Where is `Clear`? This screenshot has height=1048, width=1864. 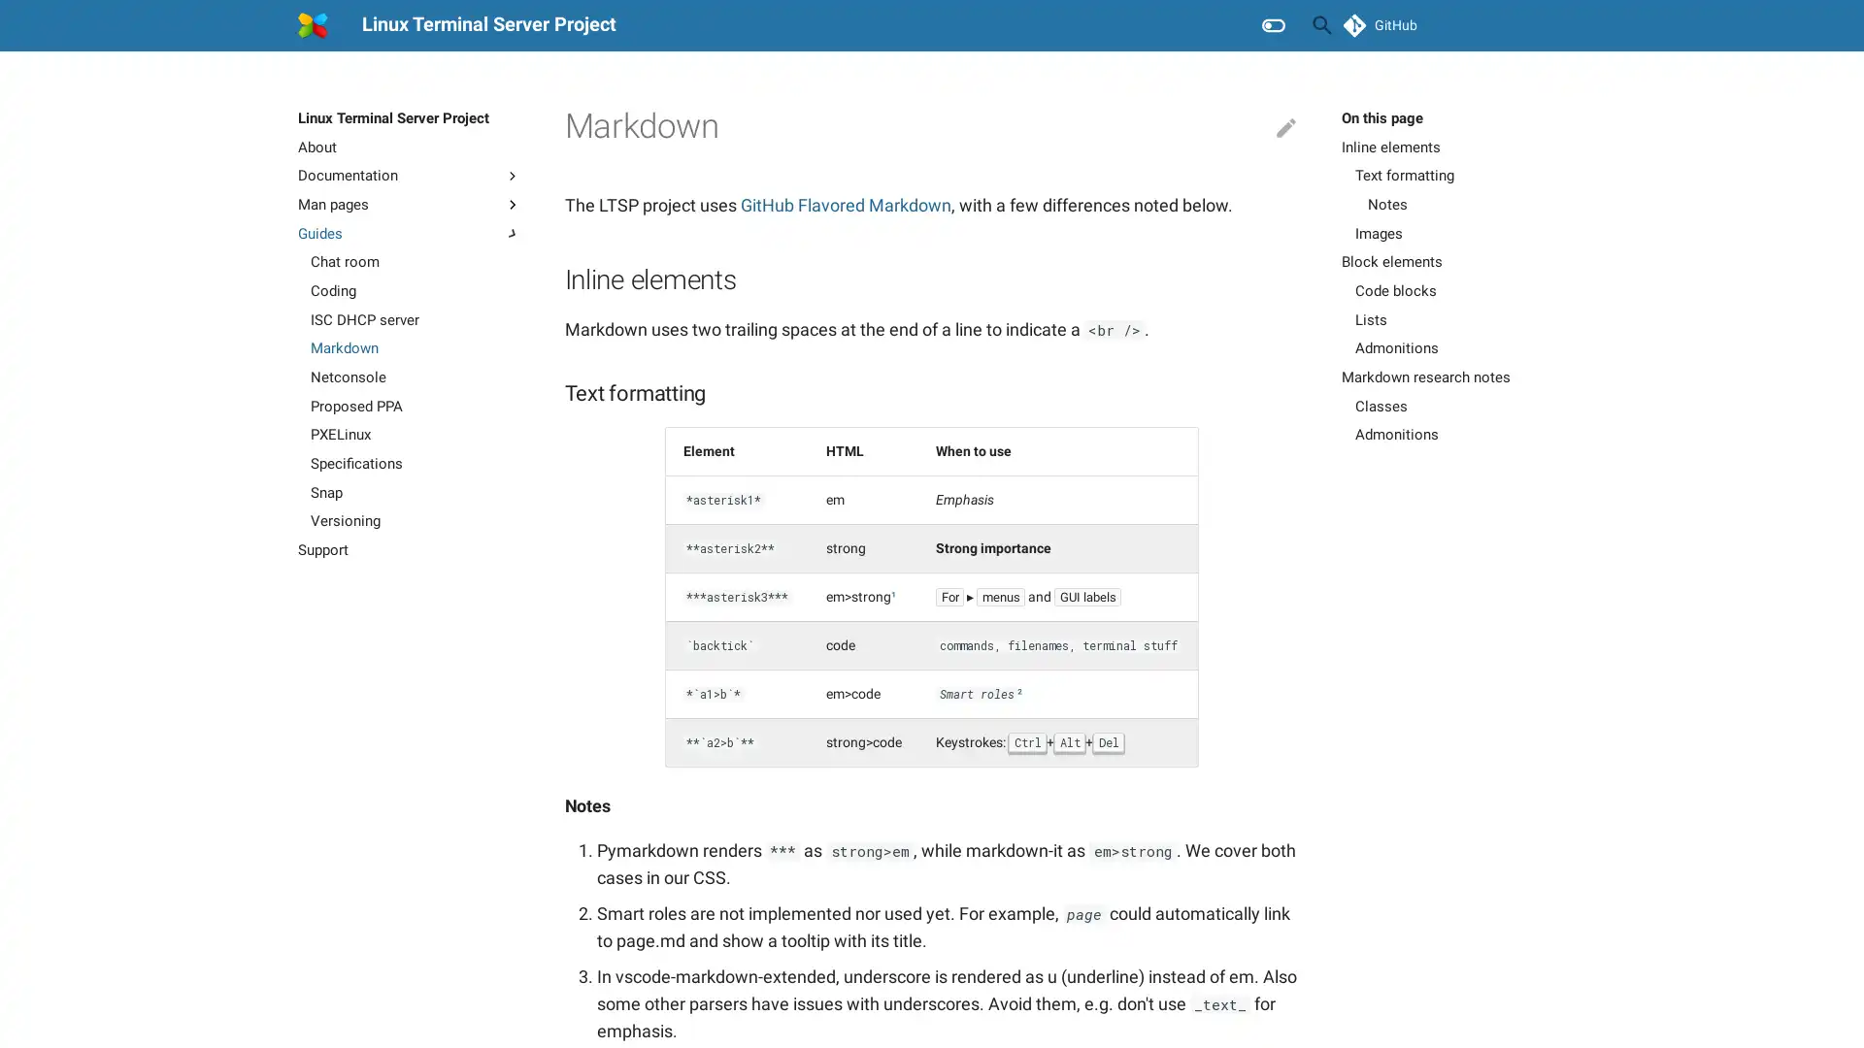
Clear is located at coordinates (1276, 25).